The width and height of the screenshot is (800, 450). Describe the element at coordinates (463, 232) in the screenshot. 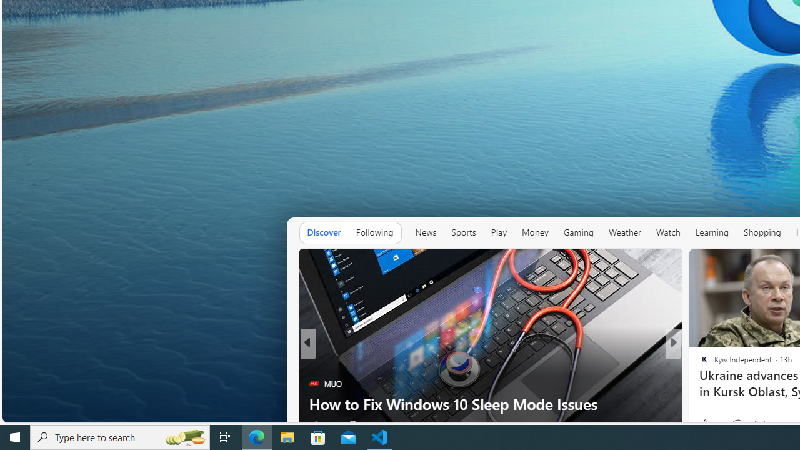

I see `'Sports'` at that location.